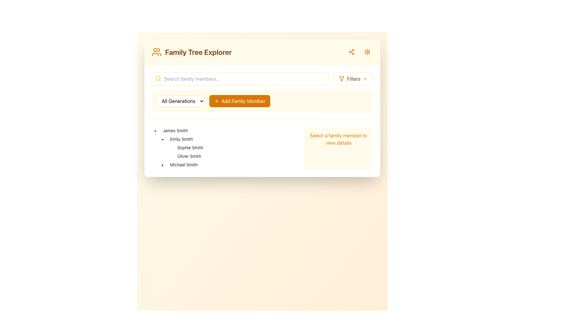  Describe the element at coordinates (183, 164) in the screenshot. I see `the text node displaying 'Michael Smith' in the family tree interface` at that location.